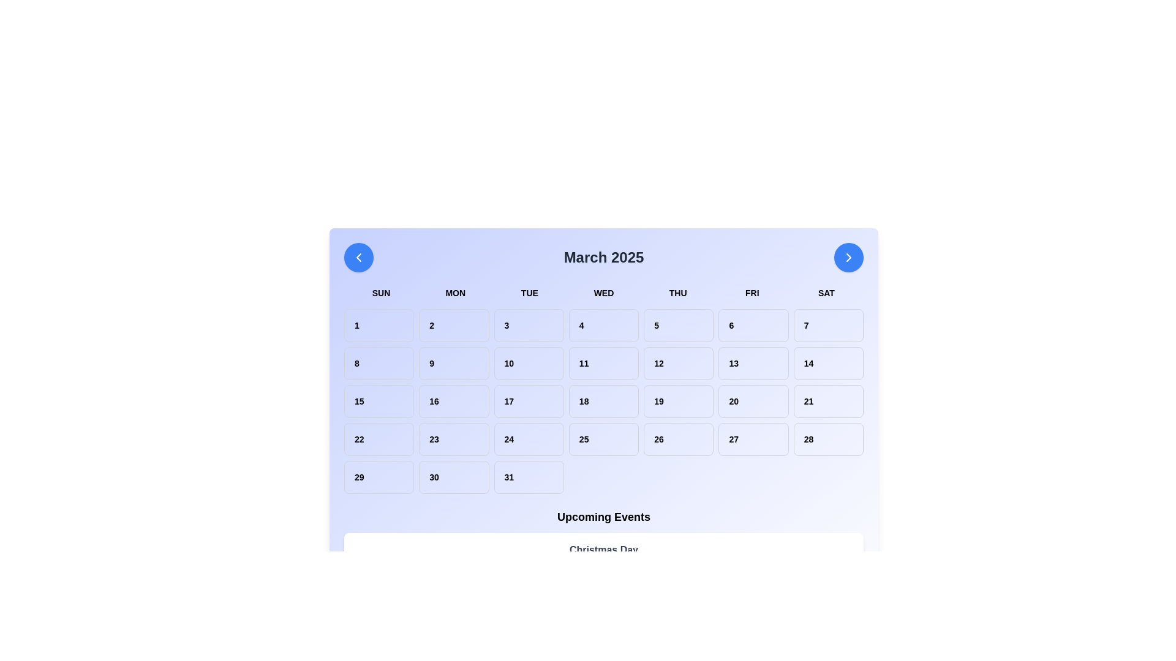 The image size is (1176, 661). Describe the element at coordinates (603, 256) in the screenshot. I see `the static text label displaying 'March 2025', which is centrally located in the interface and serves as the primary label for the current month and year` at that location.